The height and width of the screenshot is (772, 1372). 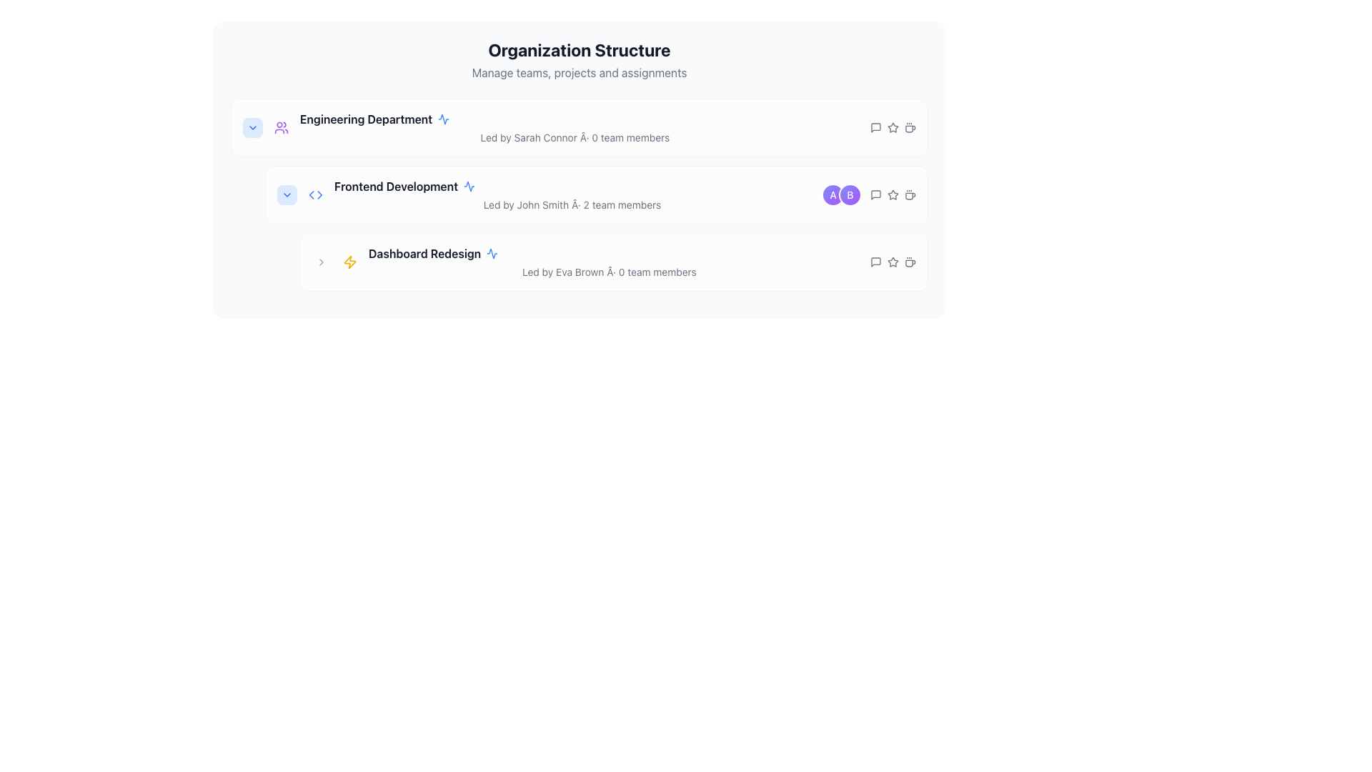 I want to click on the rightward arrow-shaped SVG icon with a blue hue, located in the 'Frontend Development' section, adjacent to its label, so click(x=319, y=195).